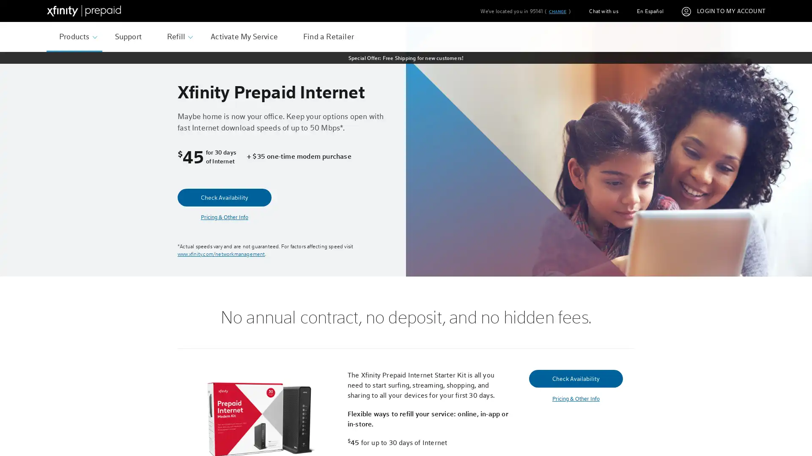 The image size is (812, 456). What do you see at coordinates (225, 217) in the screenshot?
I see `Pricing & Other Info` at bounding box center [225, 217].